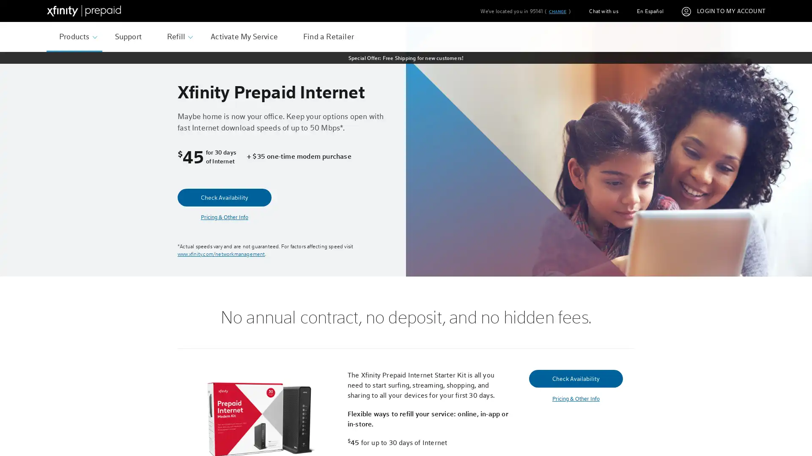 The image size is (812, 456). What do you see at coordinates (225, 217) in the screenshot?
I see `Pricing & Other Info` at bounding box center [225, 217].